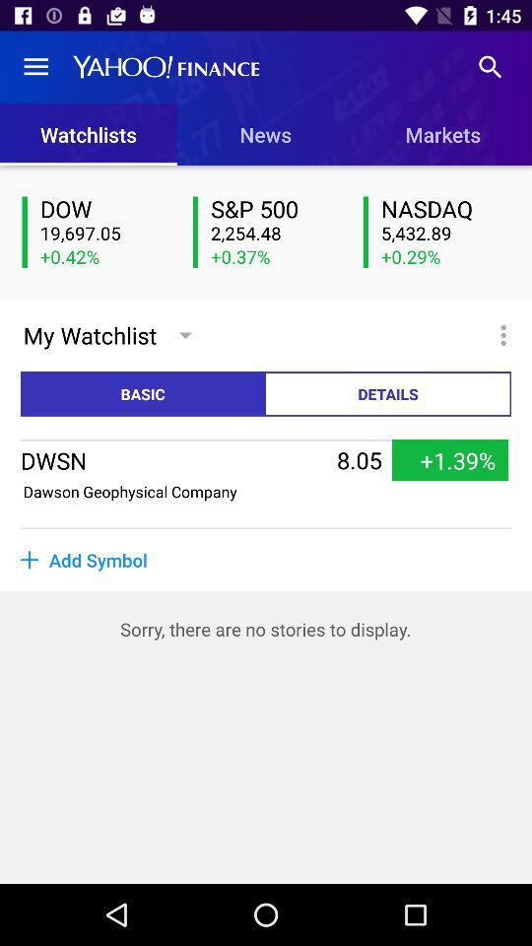  I want to click on the item to the left of 8.05, so click(130, 490).